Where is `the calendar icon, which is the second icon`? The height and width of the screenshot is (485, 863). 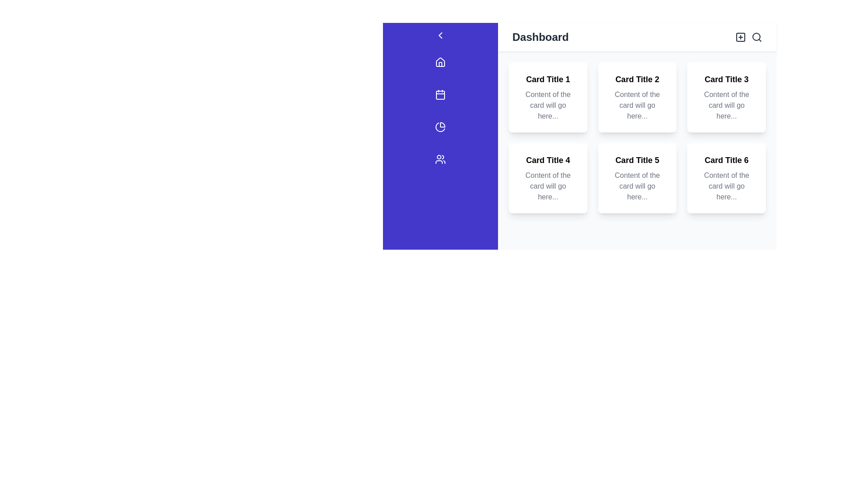
the calendar icon, which is the second icon is located at coordinates (440, 95).